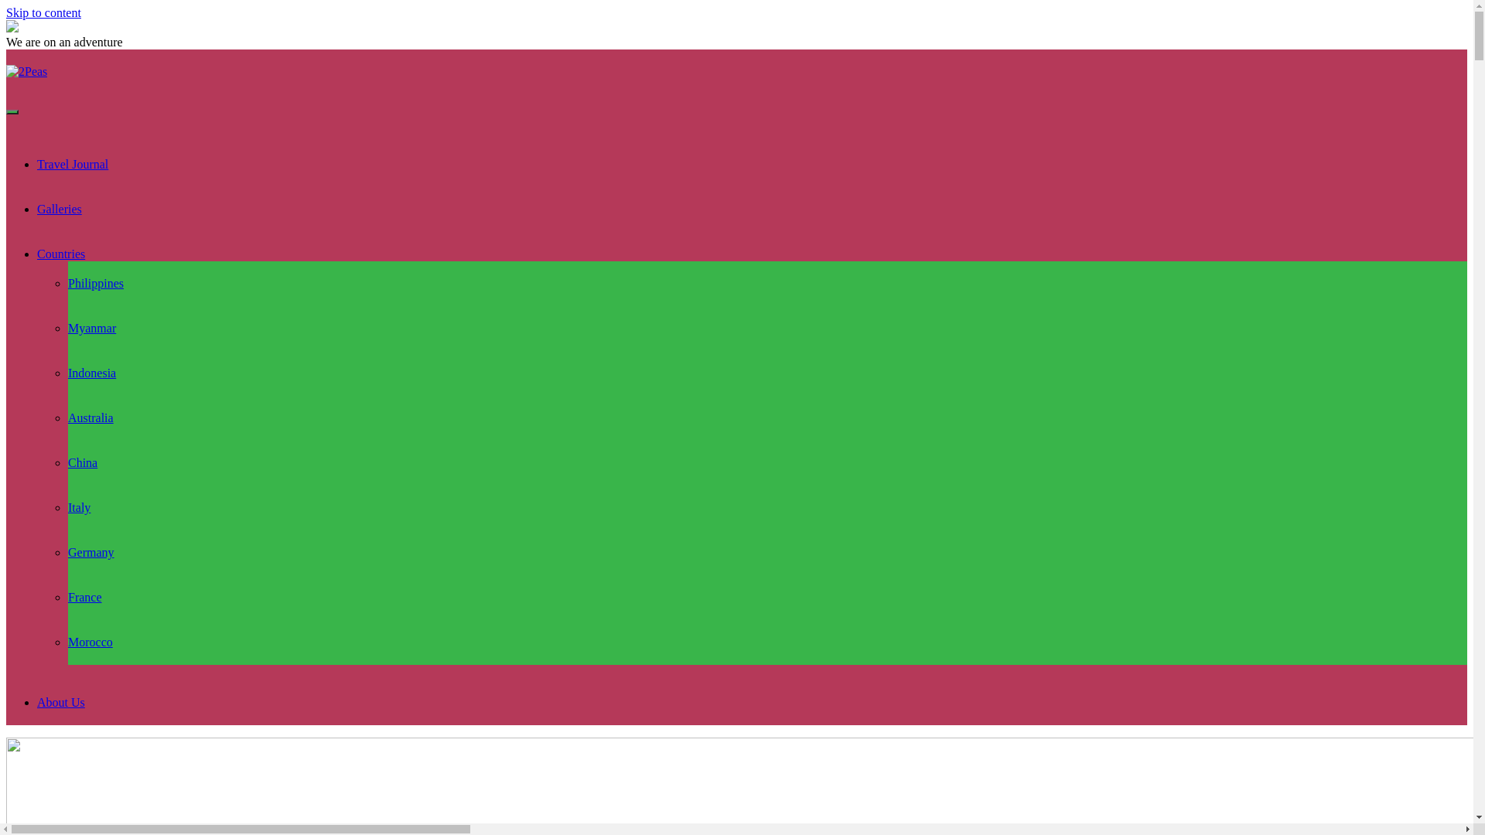 Image resolution: width=1485 pixels, height=835 pixels. I want to click on 'France', so click(67, 596).